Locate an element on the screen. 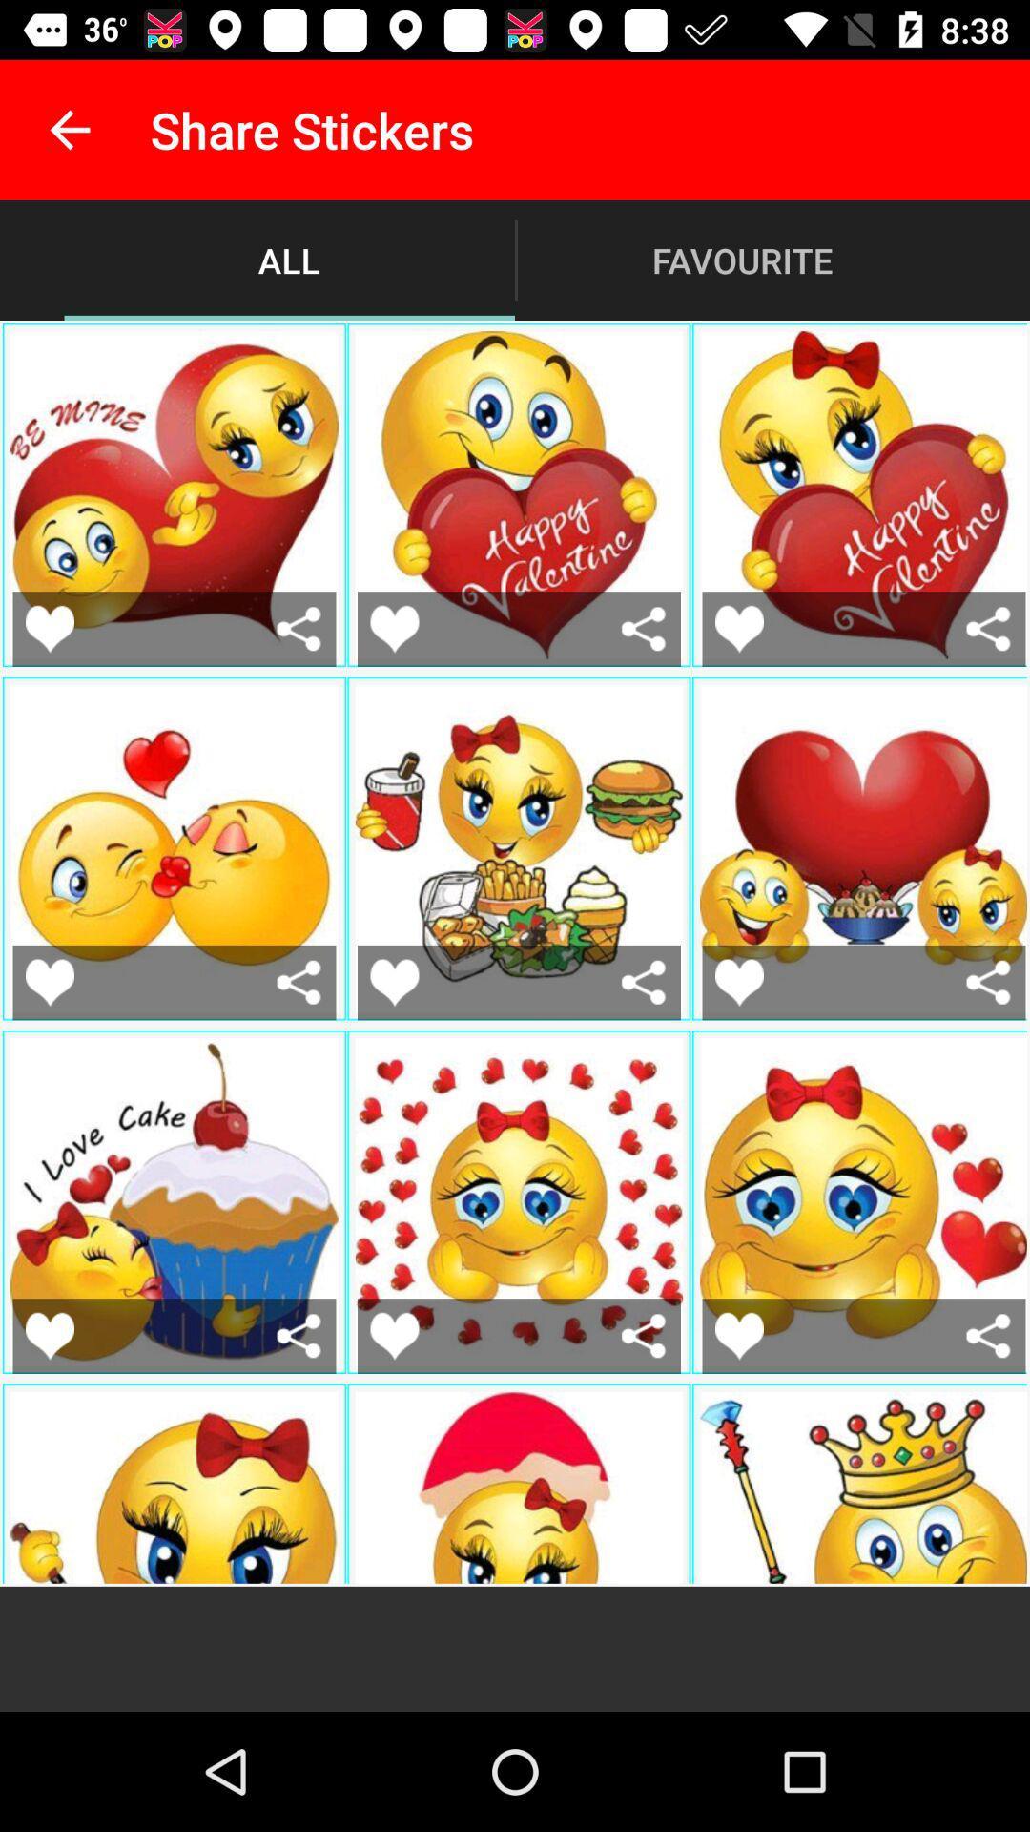 The width and height of the screenshot is (1030, 1832). share the sticker is located at coordinates (644, 982).